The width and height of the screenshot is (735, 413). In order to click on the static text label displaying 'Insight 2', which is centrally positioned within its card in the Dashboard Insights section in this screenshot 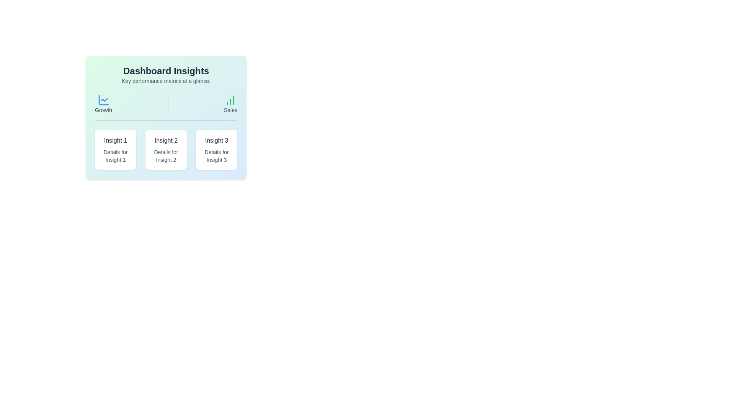, I will do `click(165, 140)`.